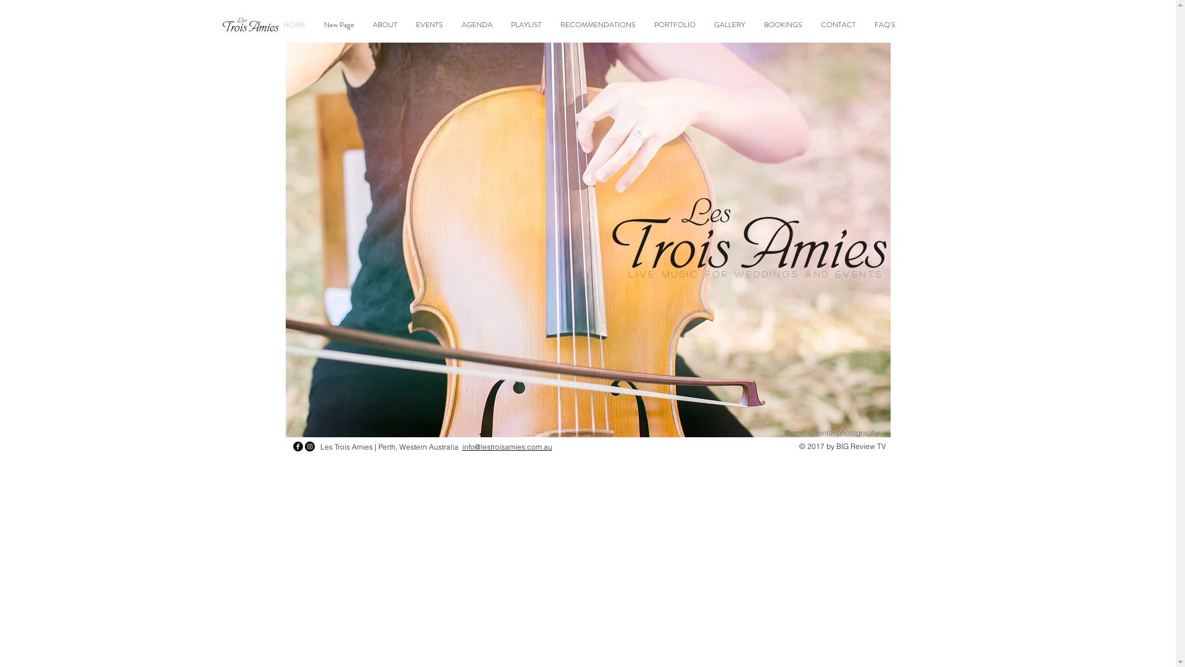  Describe the element at coordinates (598, 25) in the screenshot. I see `'RECOMMENDATIONS'` at that location.